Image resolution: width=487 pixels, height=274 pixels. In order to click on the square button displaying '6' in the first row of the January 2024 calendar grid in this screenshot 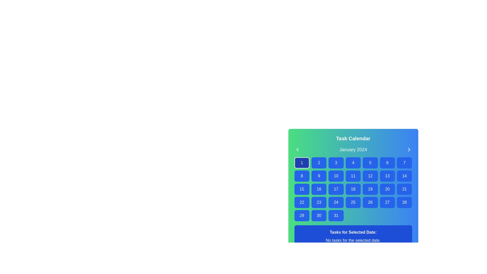, I will do `click(387, 163)`.